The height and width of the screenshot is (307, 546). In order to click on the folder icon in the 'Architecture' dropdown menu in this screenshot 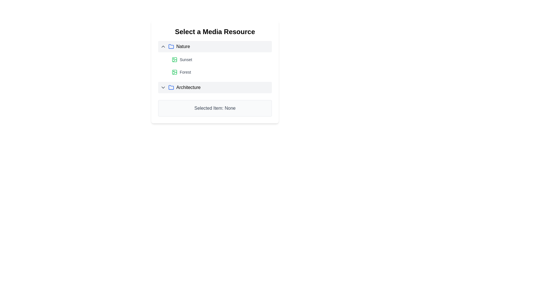, I will do `click(171, 87)`.